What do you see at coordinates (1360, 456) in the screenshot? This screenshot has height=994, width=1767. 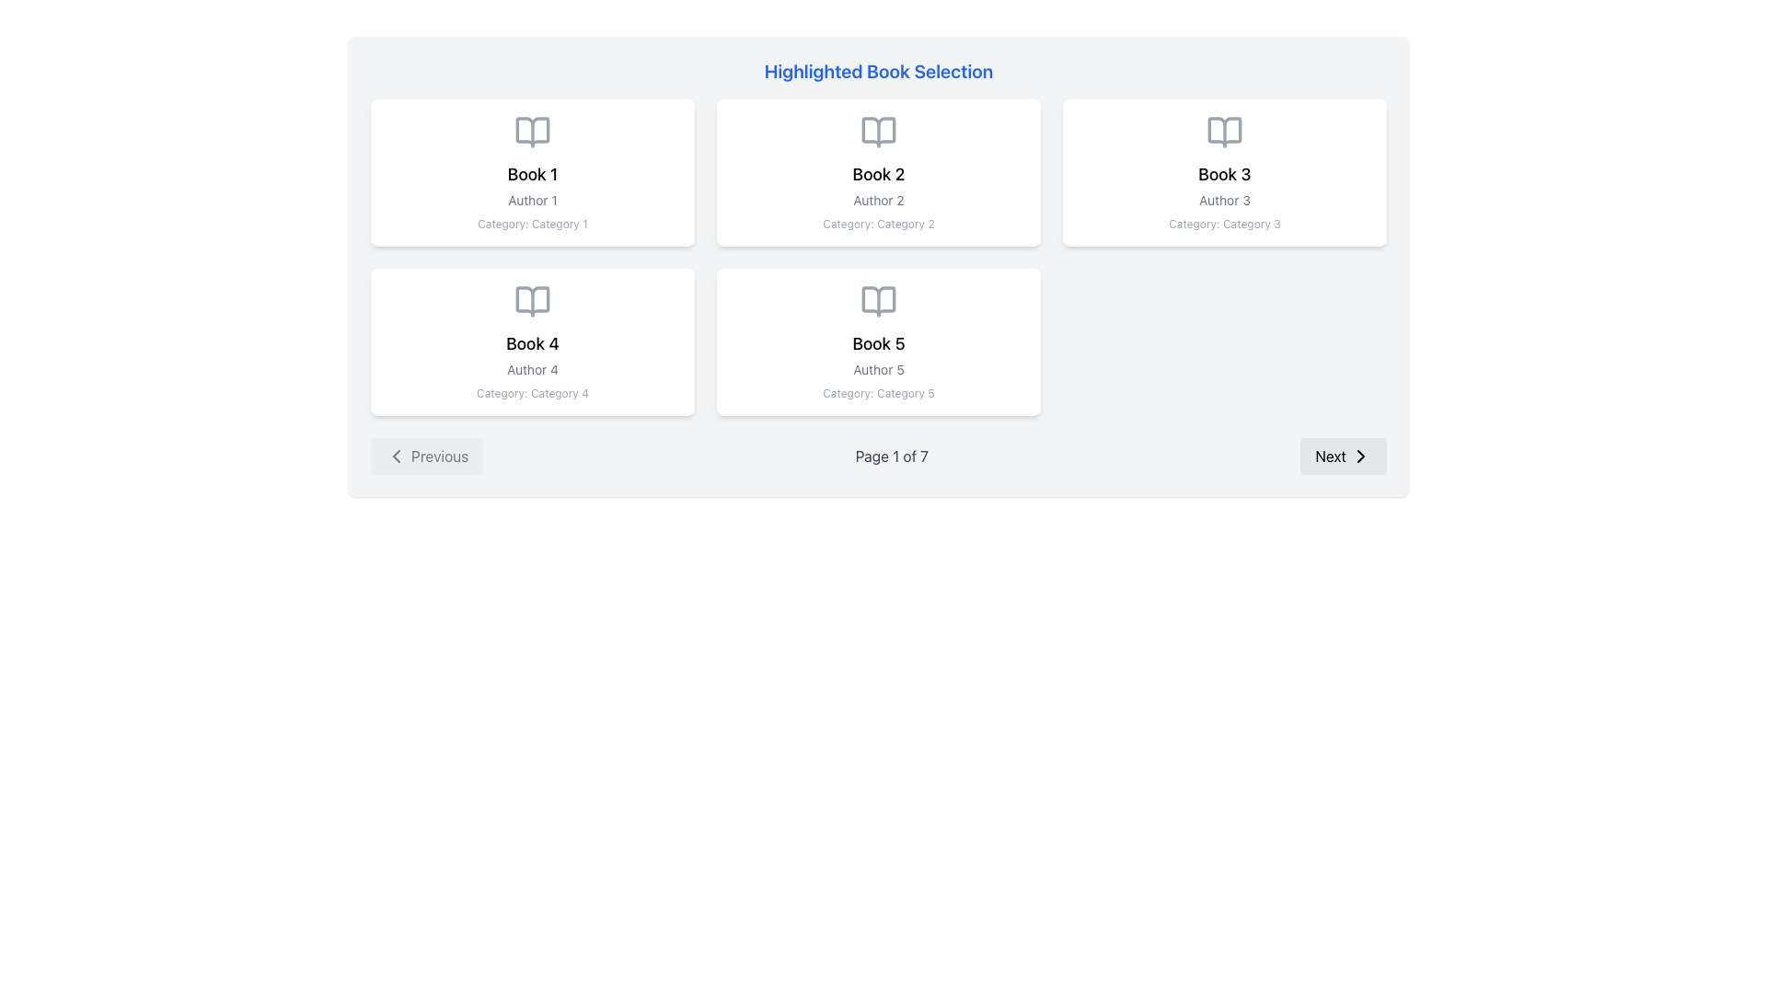 I see `the right-oriented chevron icon within the 'Next' button` at bounding box center [1360, 456].